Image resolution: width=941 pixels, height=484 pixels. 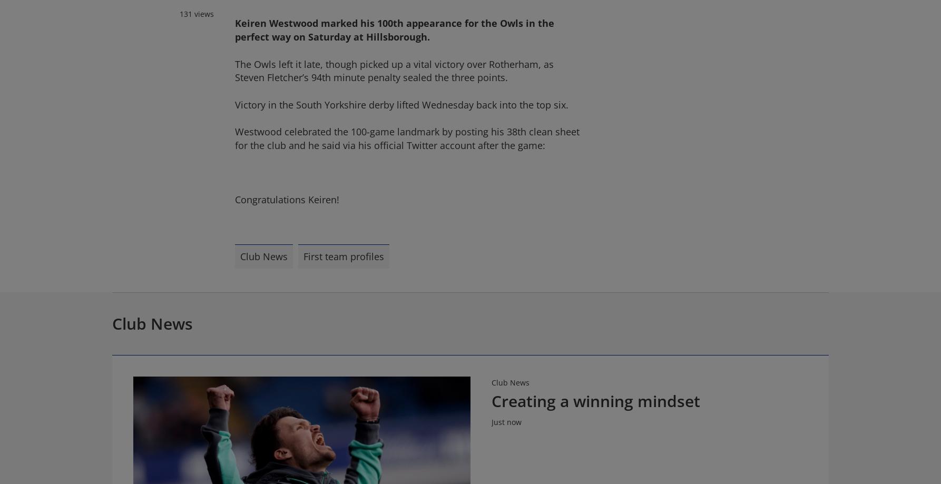 What do you see at coordinates (406, 138) in the screenshot?
I see `'Westwood celebrated the 100-game landmark by posting his 38th clean sheet for the club and he said via his official Twitter account after the game:'` at bounding box center [406, 138].